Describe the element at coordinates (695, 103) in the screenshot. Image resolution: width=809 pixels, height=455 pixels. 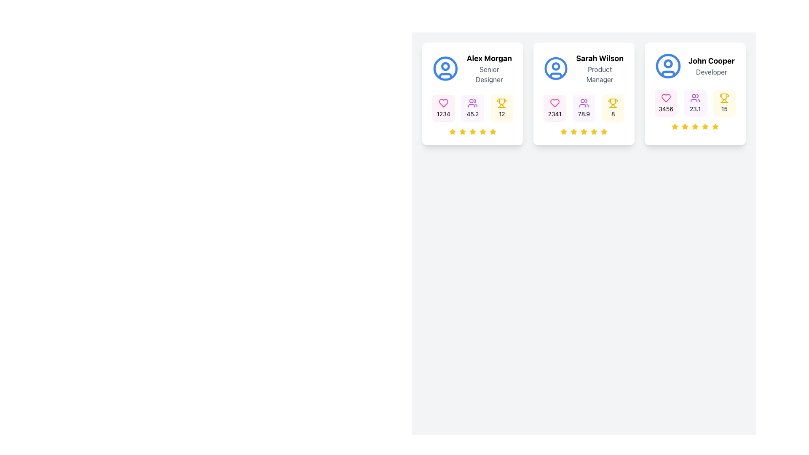
I see `the Metric display element that indicates user-related statistics, positioned in the second card from the right in a three-column grid layout, specifically the second item in the bottom row, surrounded by a heart icon and a trophy icon` at that location.